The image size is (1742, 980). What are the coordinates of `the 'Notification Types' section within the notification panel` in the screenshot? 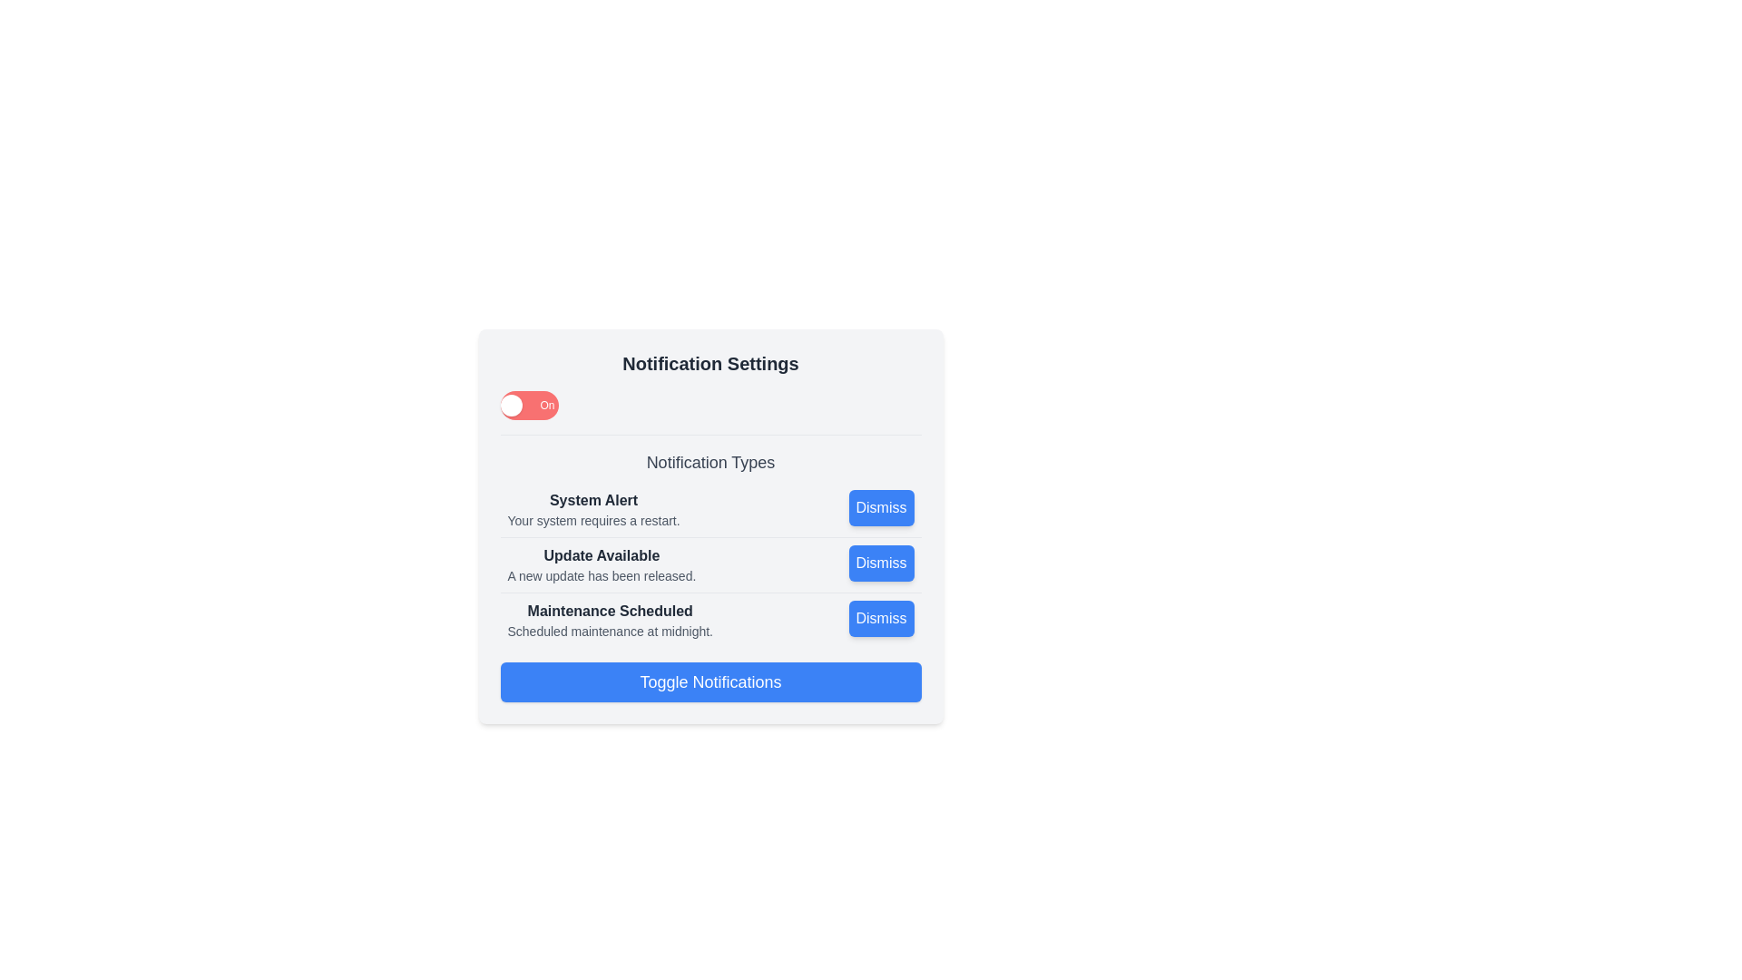 It's located at (710, 540).